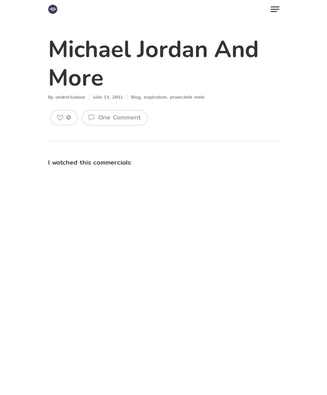  What do you see at coordinates (89, 162) in the screenshot?
I see `'I watched this commercials:'` at bounding box center [89, 162].